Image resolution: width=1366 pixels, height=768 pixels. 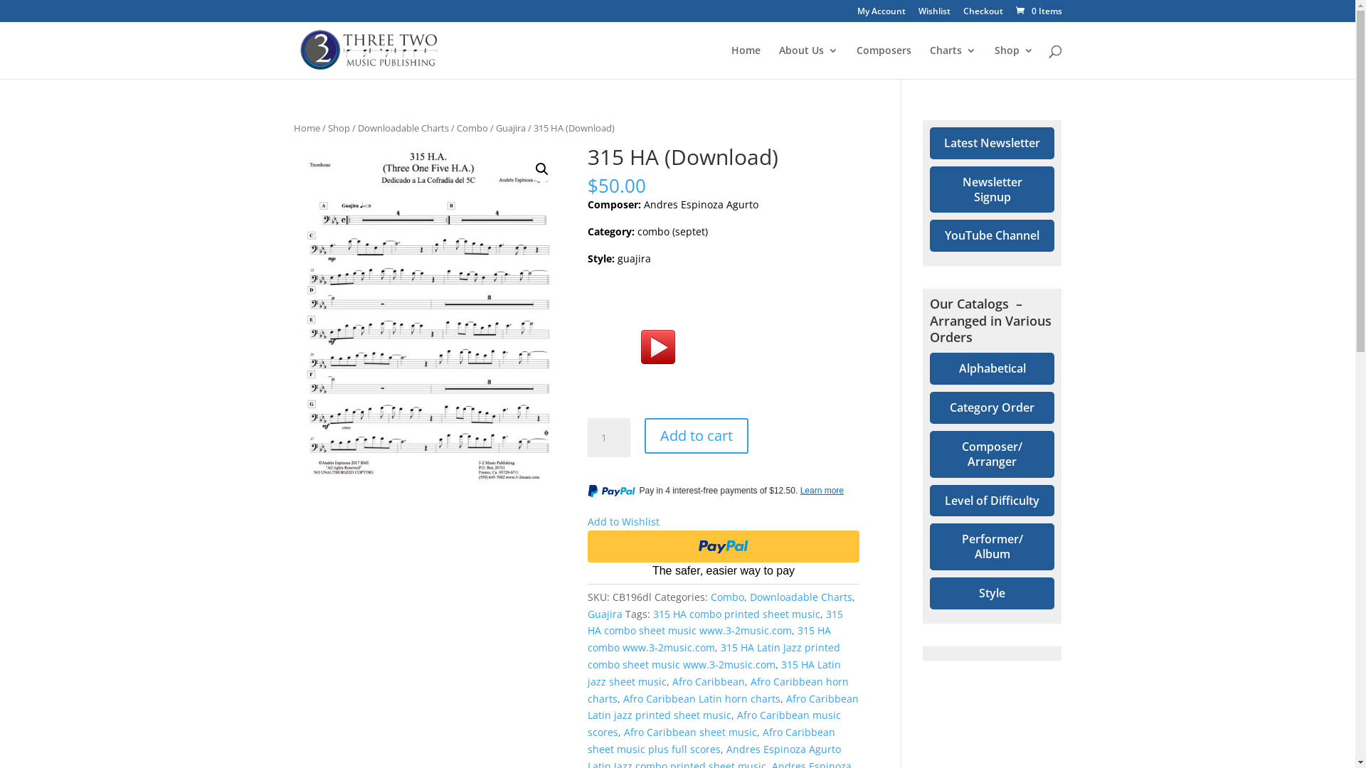 What do you see at coordinates (808, 61) in the screenshot?
I see `'About Us'` at bounding box center [808, 61].